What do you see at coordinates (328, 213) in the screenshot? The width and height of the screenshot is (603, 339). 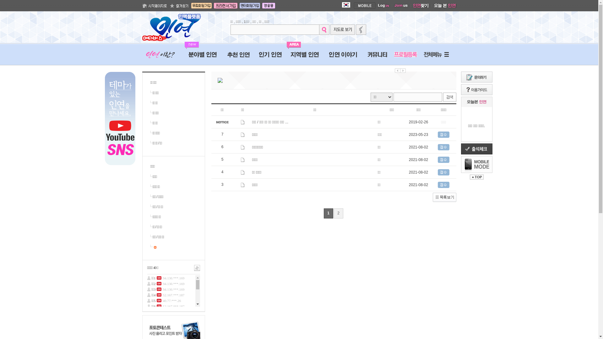 I see `'1'` at bounding box center [328, 213].